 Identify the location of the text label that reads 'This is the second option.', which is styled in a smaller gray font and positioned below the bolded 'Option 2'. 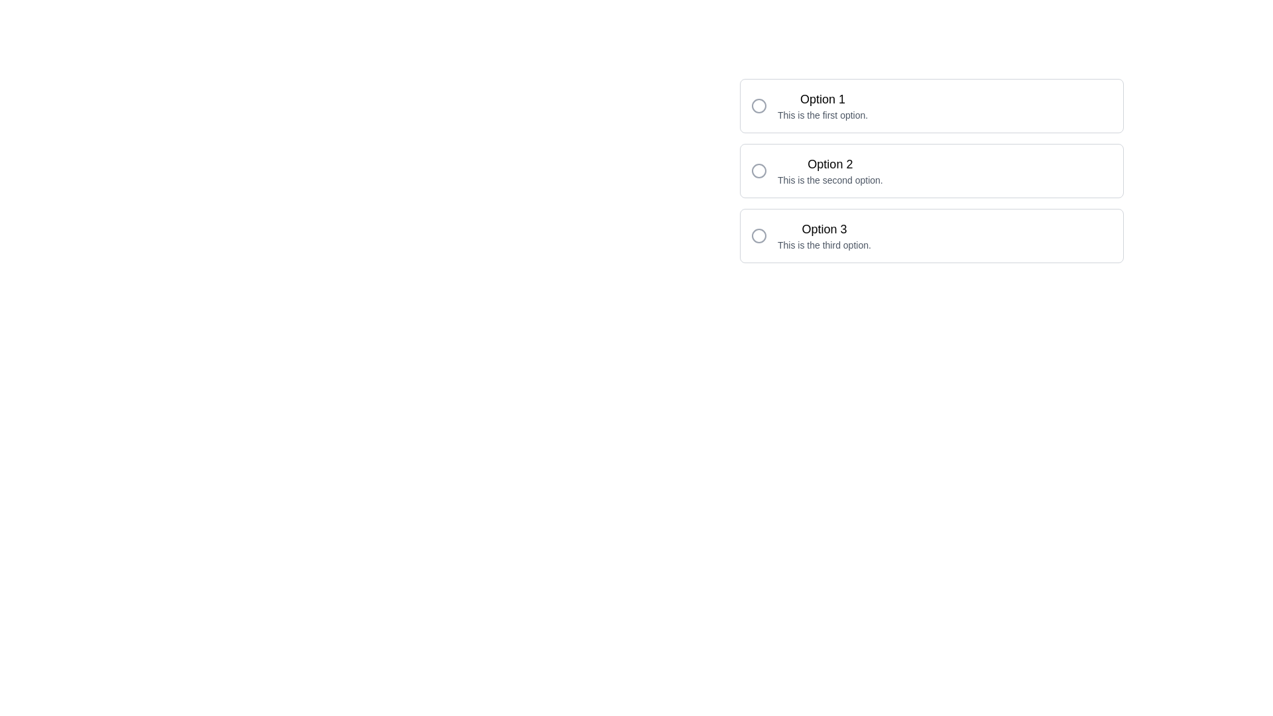
(829, 180).